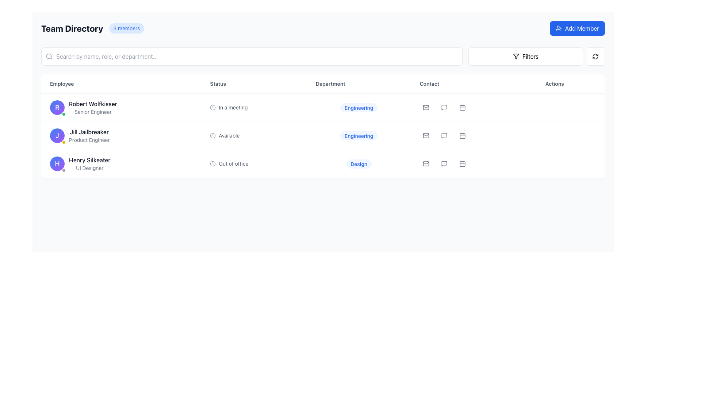 The height and width of the screenshot is (394, 701). What do you see at coordinates (426, 107) in the screenshot?
I see `the email button located in the 'Contact' column of the second row of the table to initiate an email action for the respective team member` at bounding box center [426, 107].